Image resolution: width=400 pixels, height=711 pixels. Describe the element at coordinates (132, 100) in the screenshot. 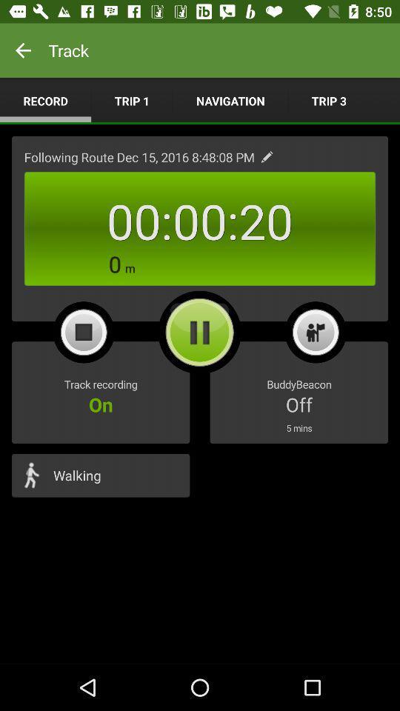

I see `the item above the following route dec` at that location.